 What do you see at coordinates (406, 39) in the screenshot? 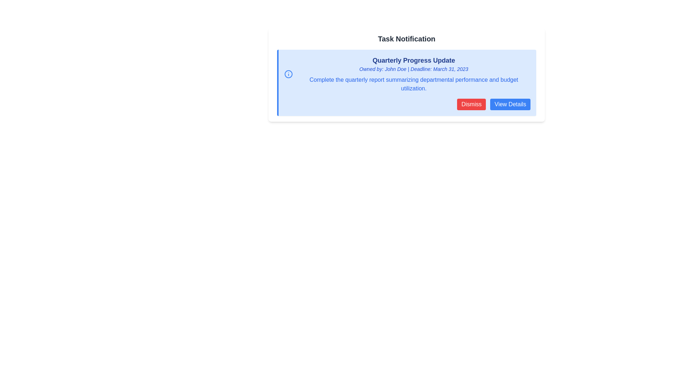
I see `the heading element at the top of the card component, which provides context or summary information` at bounding box center [406, 39].